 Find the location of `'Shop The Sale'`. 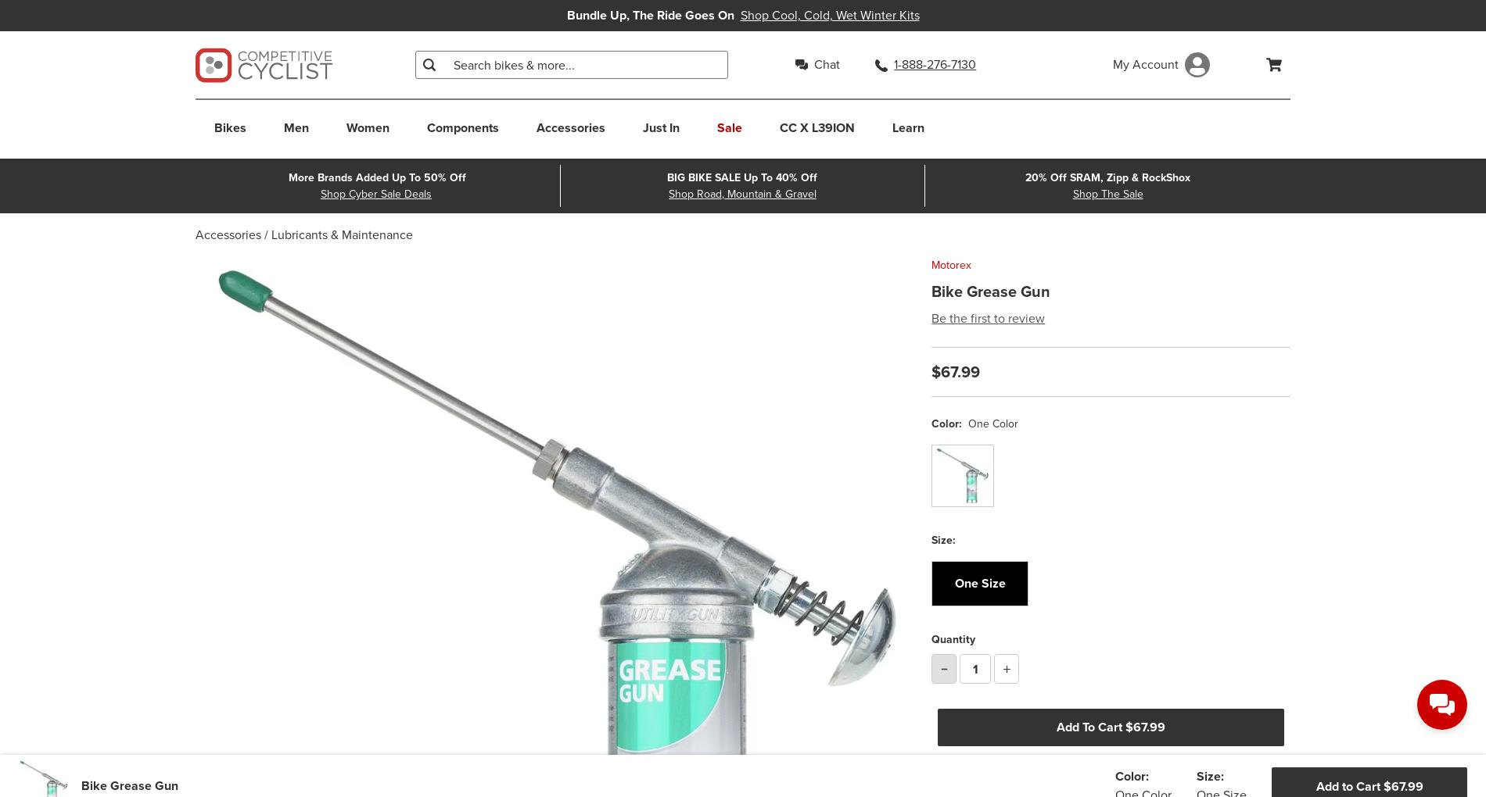

'Shop The Sale' is located at coordinates (1107, 194).